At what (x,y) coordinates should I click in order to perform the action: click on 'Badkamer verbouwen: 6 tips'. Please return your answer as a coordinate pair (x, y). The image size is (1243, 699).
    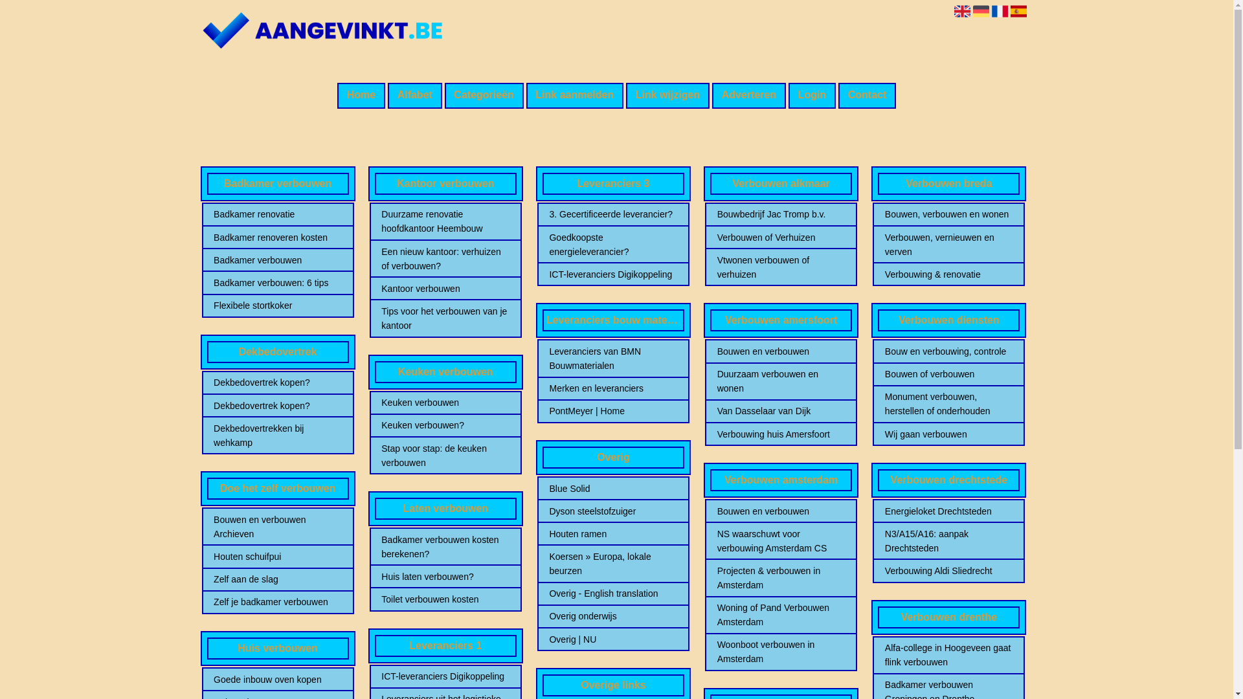
    Looking at the image, I should click on (276, 282).